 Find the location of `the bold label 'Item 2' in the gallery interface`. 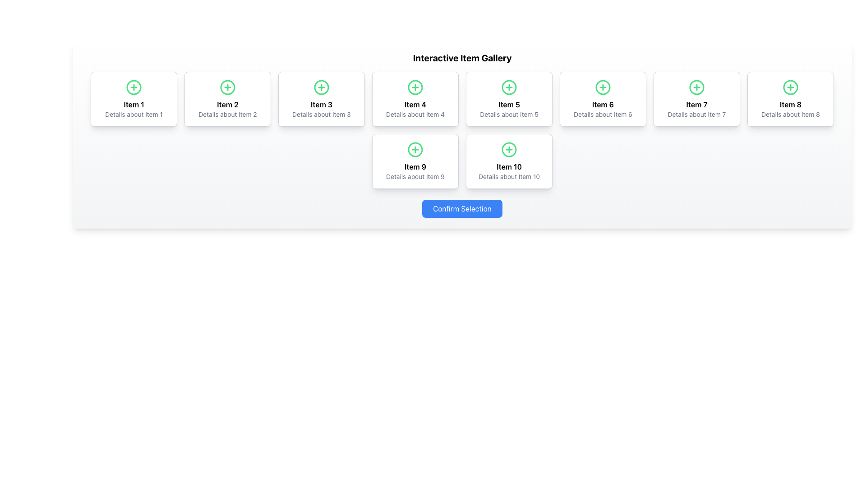

the bold label 'Item 2' in the gallery interface is located at coordinates (227, 104).